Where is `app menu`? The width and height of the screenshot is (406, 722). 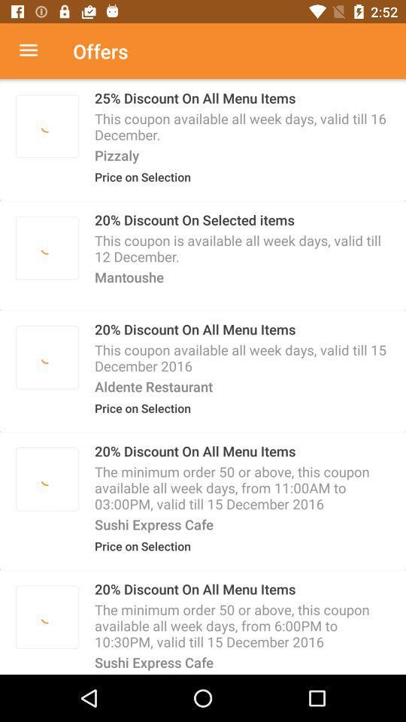
app menu is located at coordinates (36, 51).